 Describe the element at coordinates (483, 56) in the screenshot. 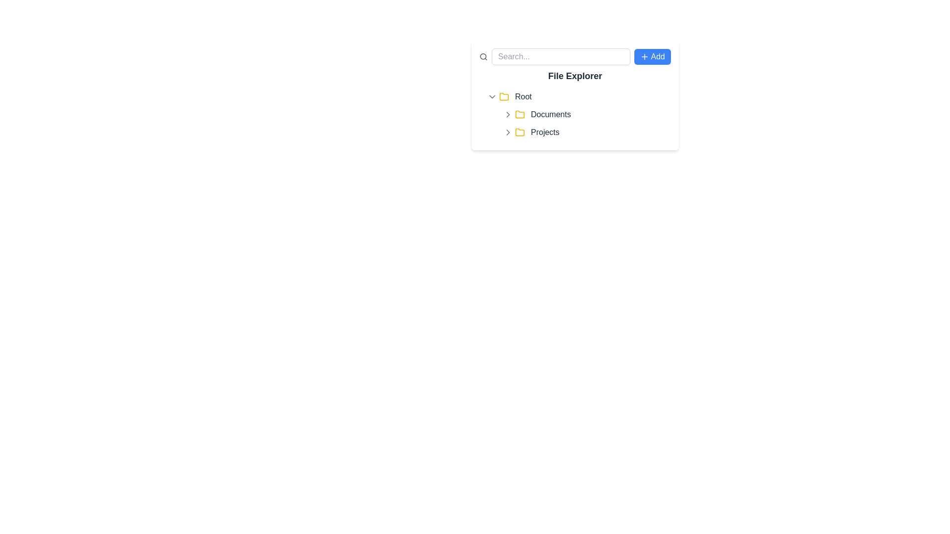

I see `the small circular icon resembling a magnifying glass lens, which indicates the search function located to the left of the search input field` at that location.